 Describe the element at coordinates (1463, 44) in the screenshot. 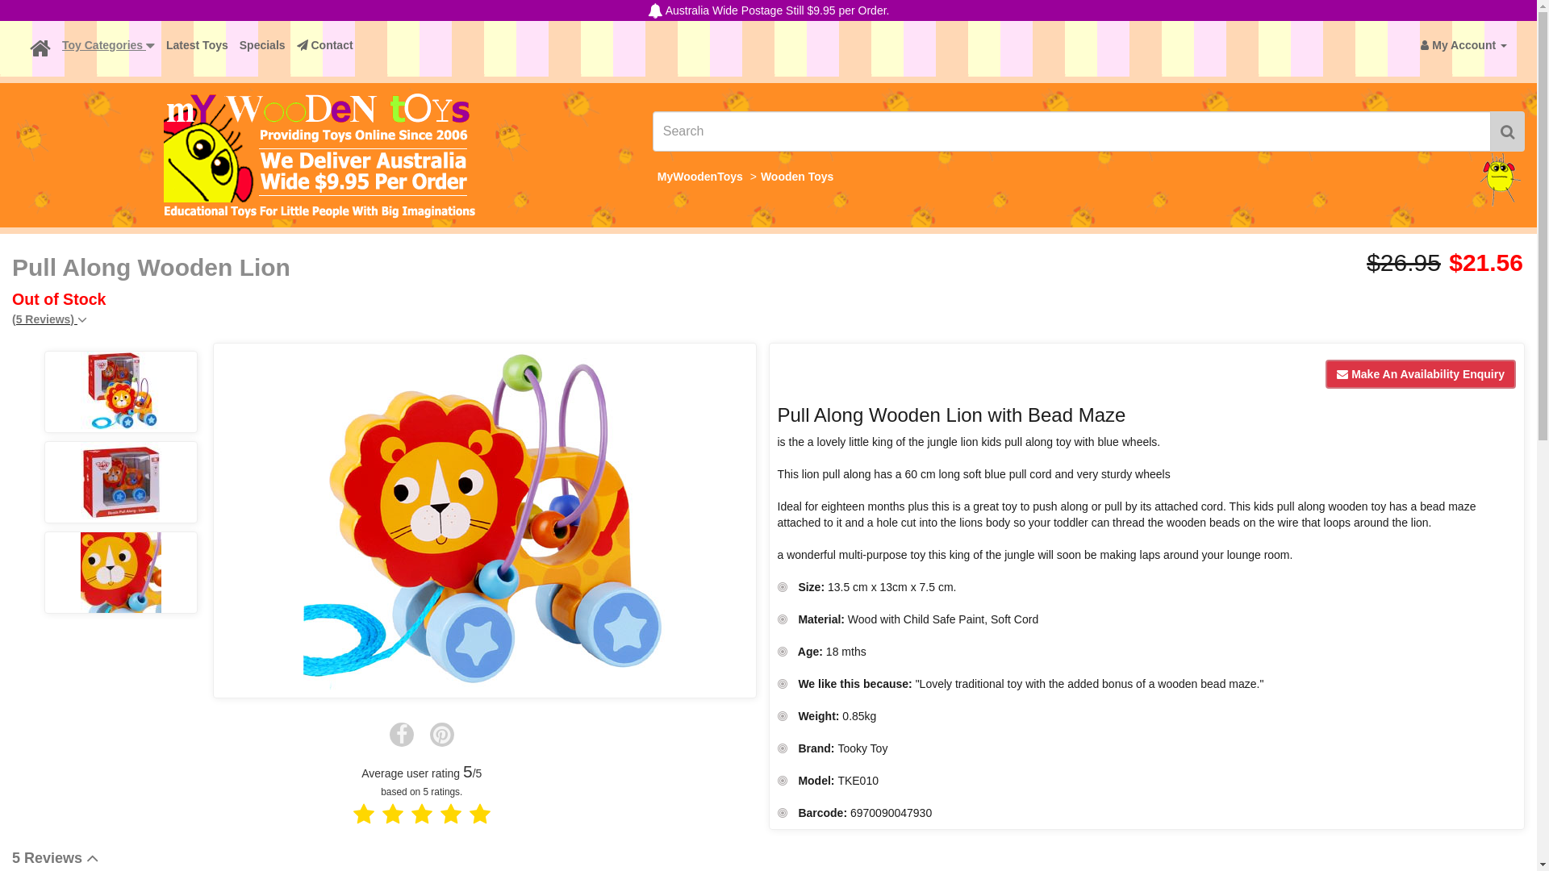

I see `'My Account'` at that location.